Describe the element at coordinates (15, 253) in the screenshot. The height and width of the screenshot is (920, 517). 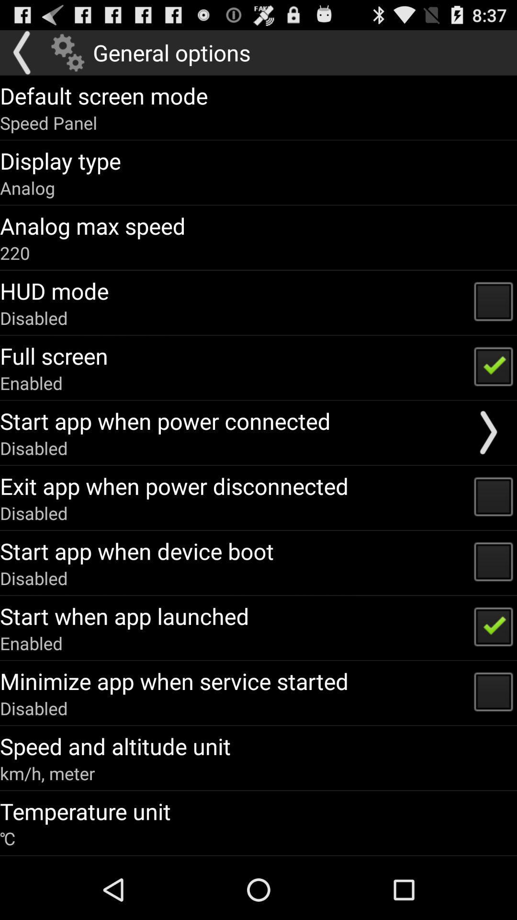
I see `icon above the hud mode` at that location.